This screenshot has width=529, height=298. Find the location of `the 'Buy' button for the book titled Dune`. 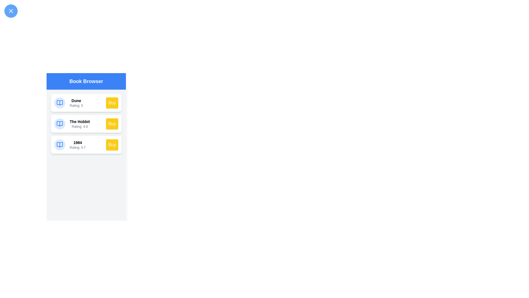

the 'Buy' button for the book titled Dune is located at coordinates (112, 103).